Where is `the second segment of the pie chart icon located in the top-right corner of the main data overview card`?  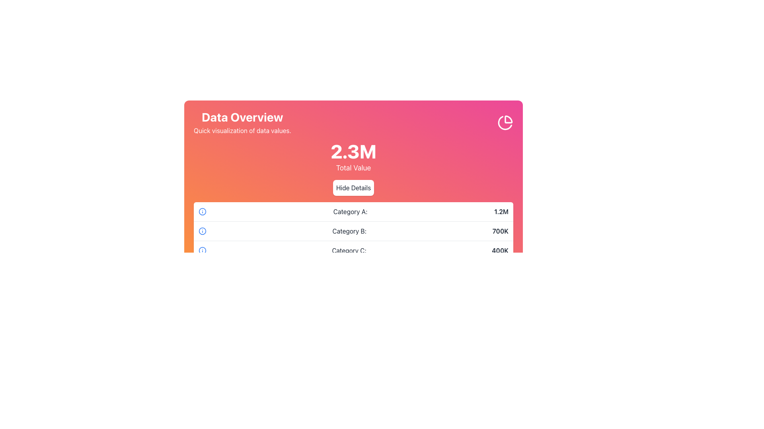 the second segment of the pie chart icon located in the top-right corner of the main data overview card is located at coordinates (505, 123).